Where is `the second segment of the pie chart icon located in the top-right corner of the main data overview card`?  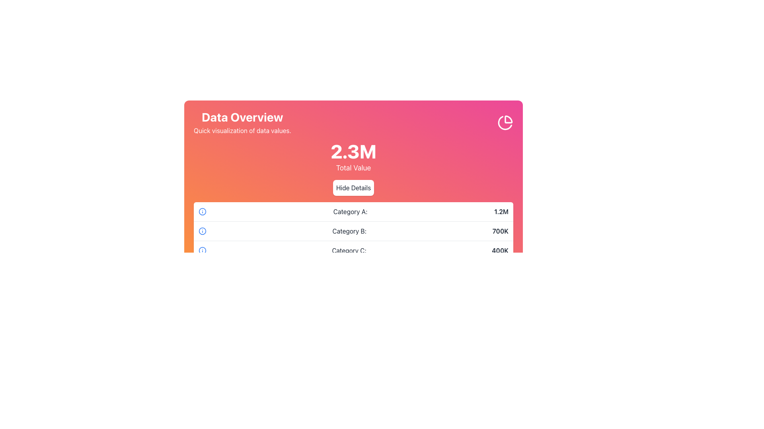 the second segment of the pie chart icon located in the top-right corner of the main data overview card is located at coordinates (505, 123).